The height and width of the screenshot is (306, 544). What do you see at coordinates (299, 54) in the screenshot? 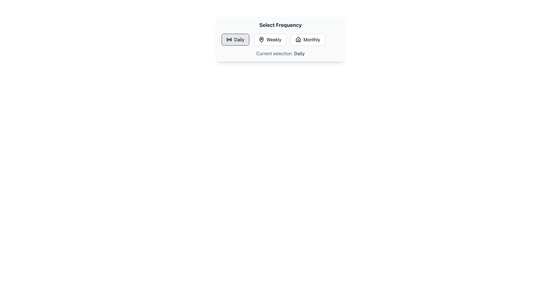
I see `the Text Label that indicates the current selected frequency option, specifically the bold word 'Daily' in the sentence 'Current selection: Daily'` at bounding box center [299, 54].